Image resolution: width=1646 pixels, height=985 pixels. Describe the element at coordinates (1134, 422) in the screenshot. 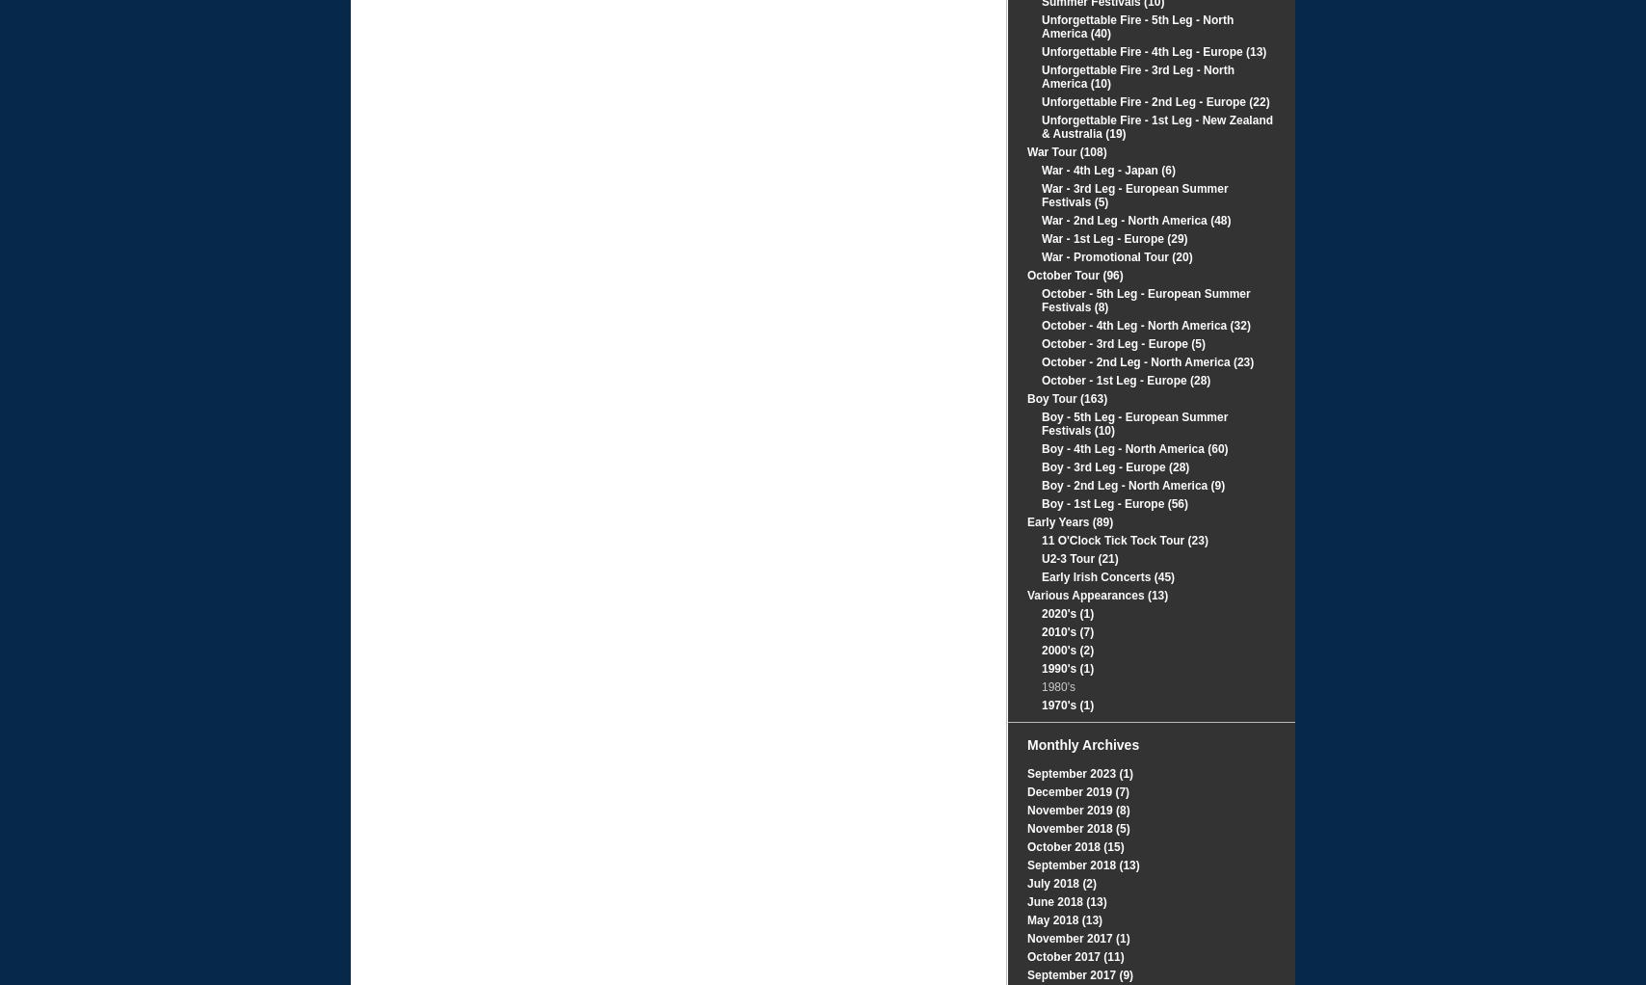

I see `'Boy - 5th Leg - European Summer Festivals (10)'` at that location.